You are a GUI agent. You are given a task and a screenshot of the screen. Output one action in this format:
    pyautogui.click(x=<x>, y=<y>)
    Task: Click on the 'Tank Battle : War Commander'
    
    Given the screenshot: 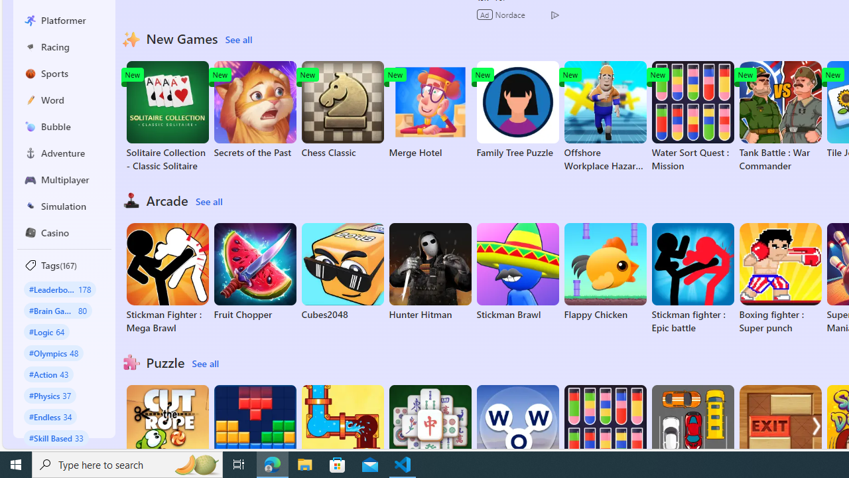 What is the action you would take?
    pyautogui.click(x=780, y=116)
    